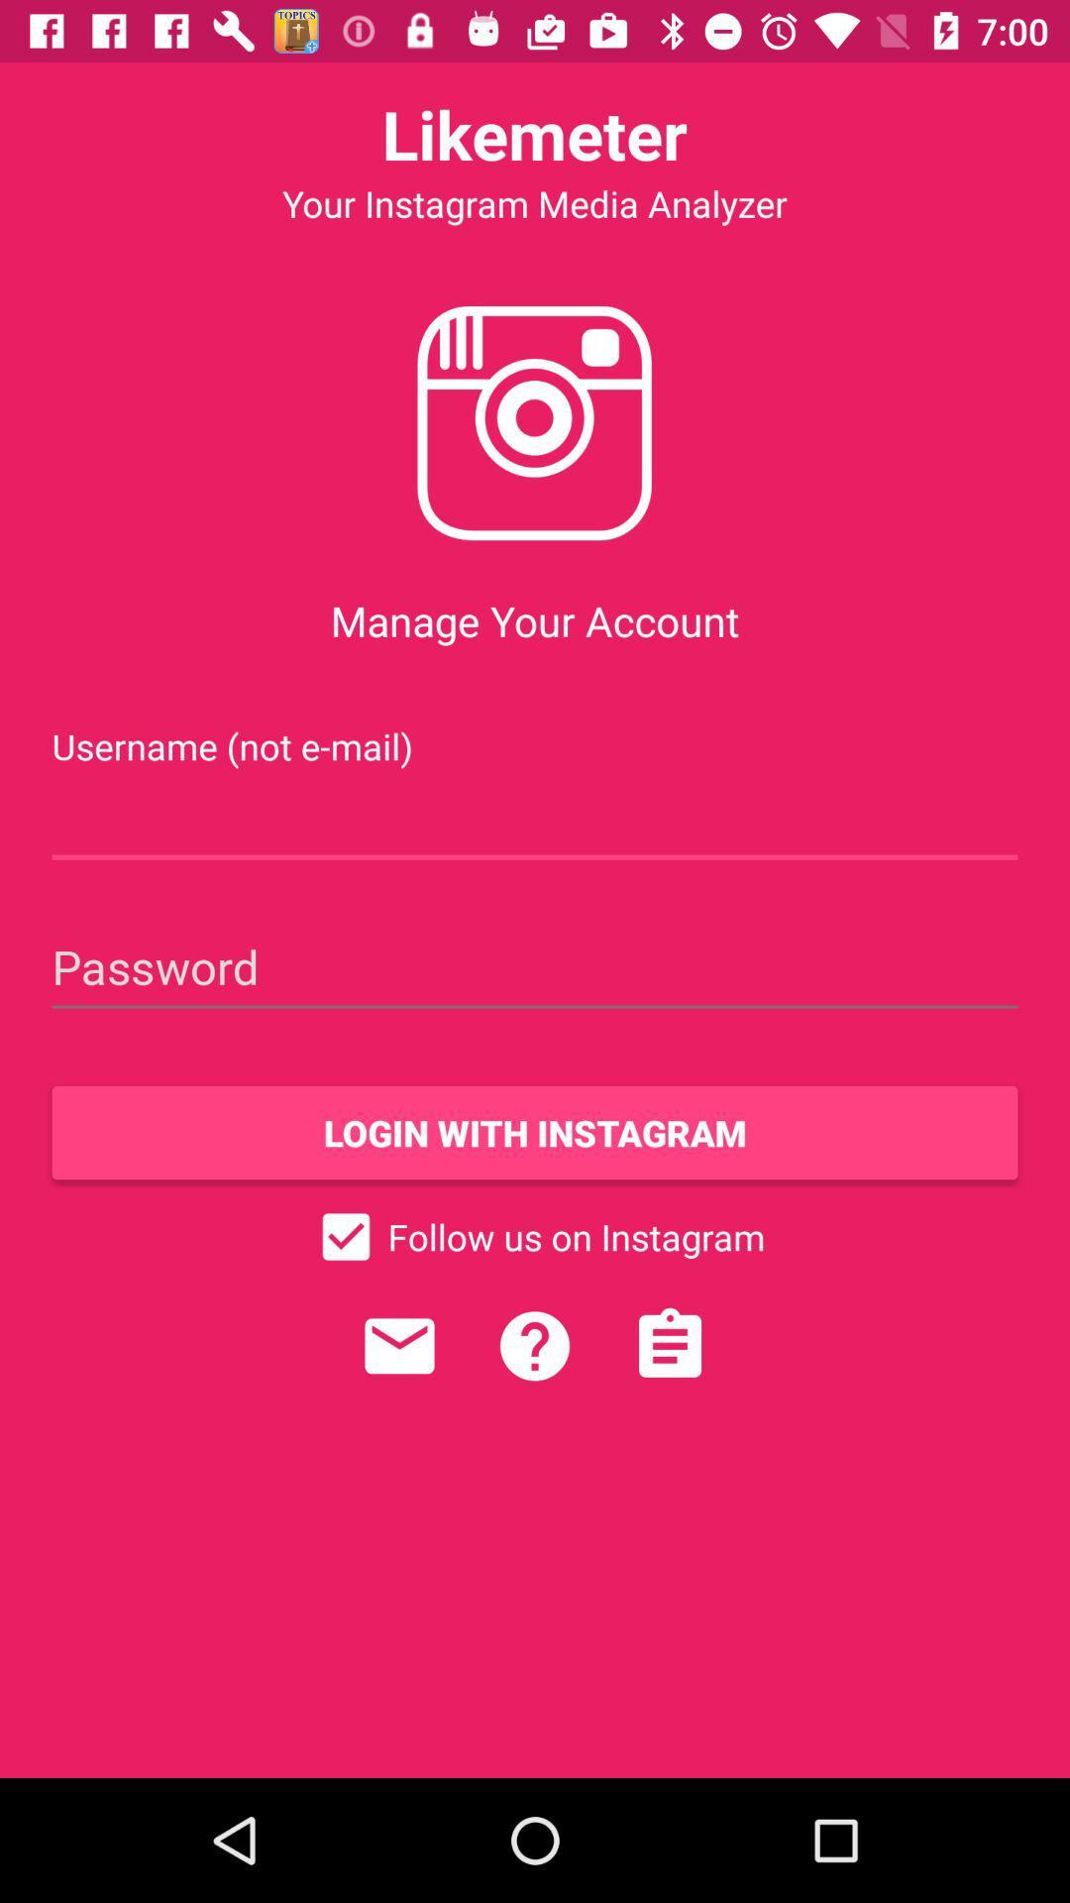  What do you see at coordinates (535, 1346) in the screenshot?
I see `questions` at bounding box center [535, 1346].